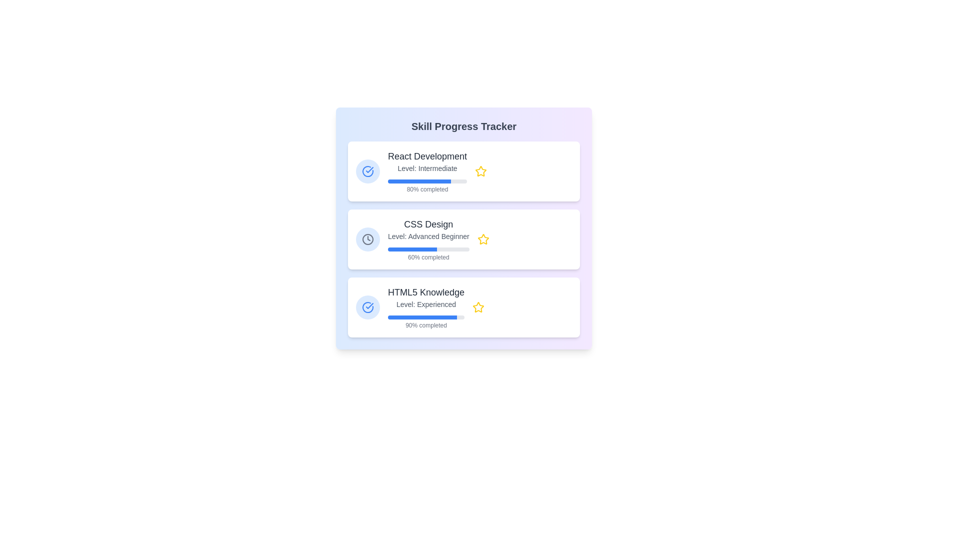 This screenshot has width=960, height=540. I want to click on the progress indicator (progress bar) located in the 'React Development' card, which visually represents progress with a blue completed portion and a gray remaining section, so click(427, 181).